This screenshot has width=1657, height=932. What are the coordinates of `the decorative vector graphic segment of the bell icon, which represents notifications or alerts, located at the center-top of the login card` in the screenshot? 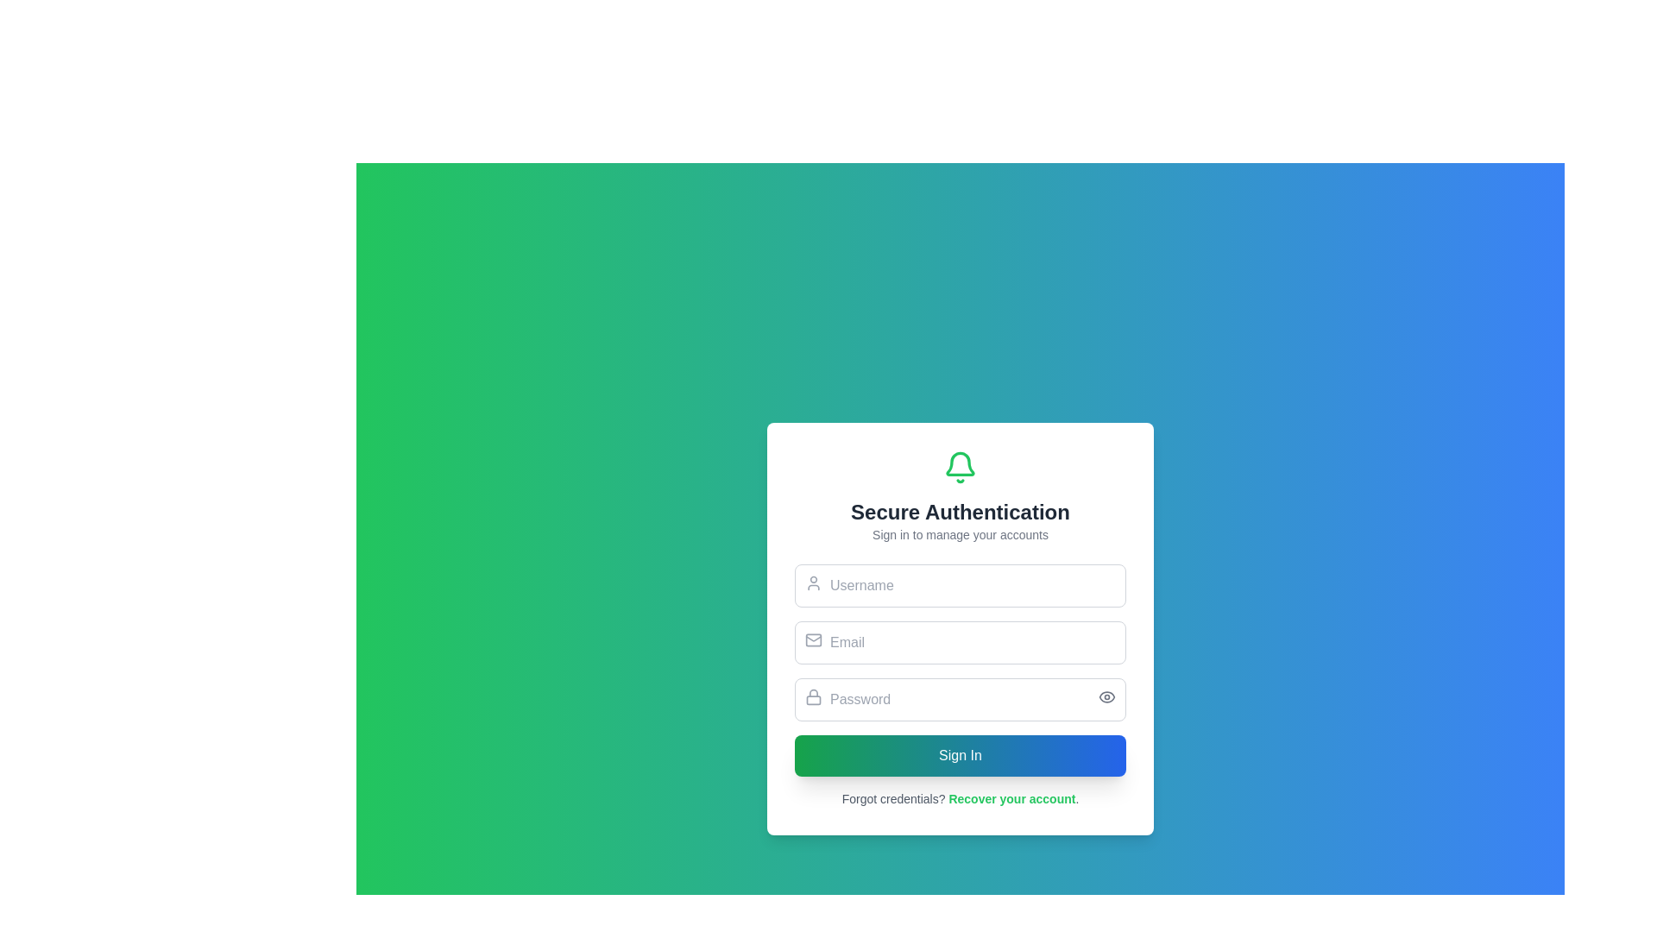 It's located at (960, 463).